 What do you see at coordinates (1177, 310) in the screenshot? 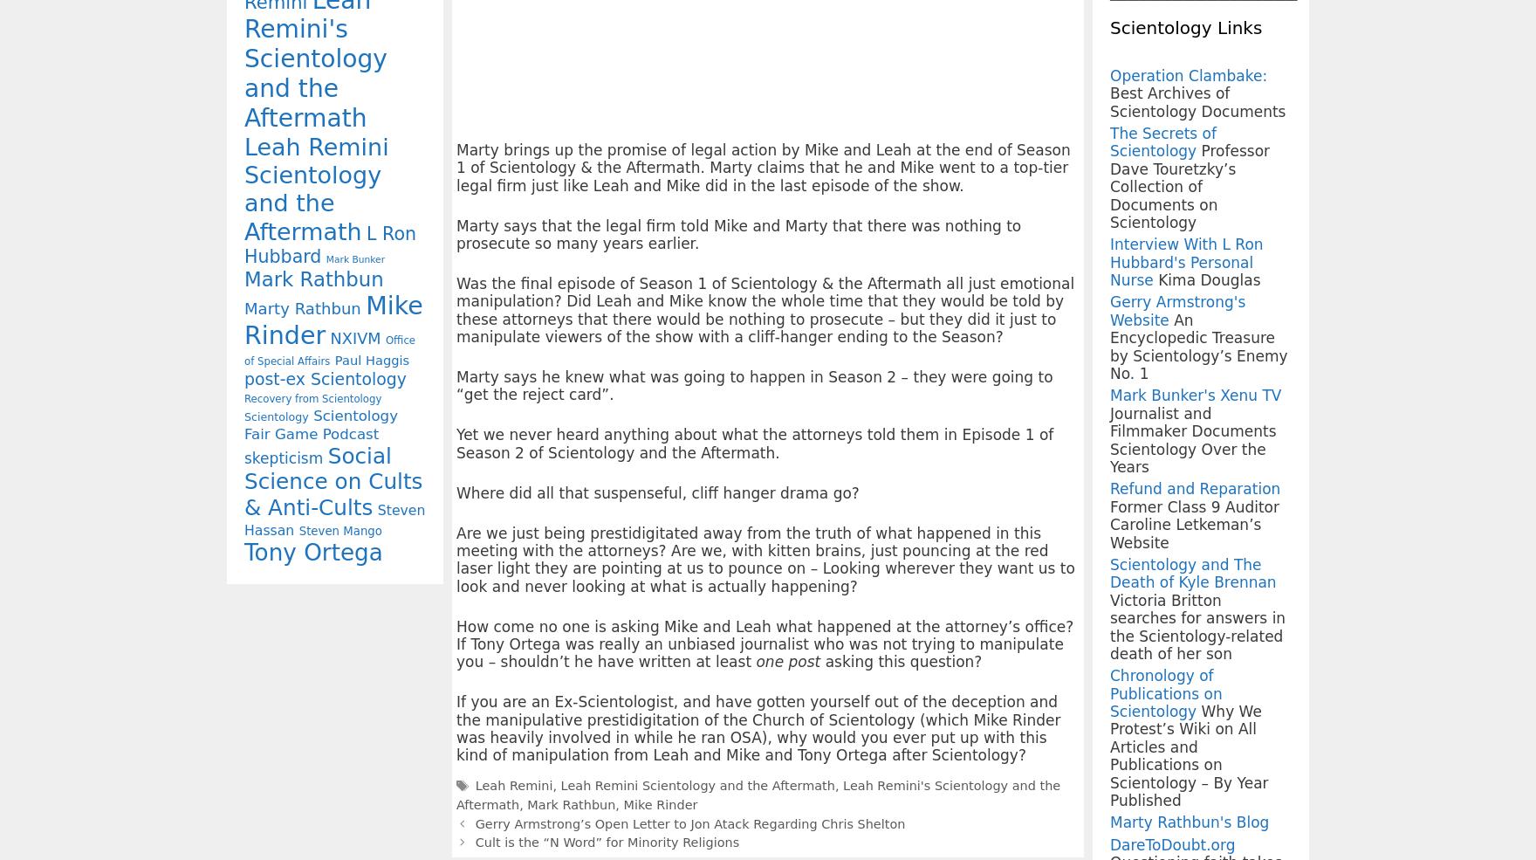
I see `'Gerry Armstrong's Website'` at bounding box center [1177, 310].